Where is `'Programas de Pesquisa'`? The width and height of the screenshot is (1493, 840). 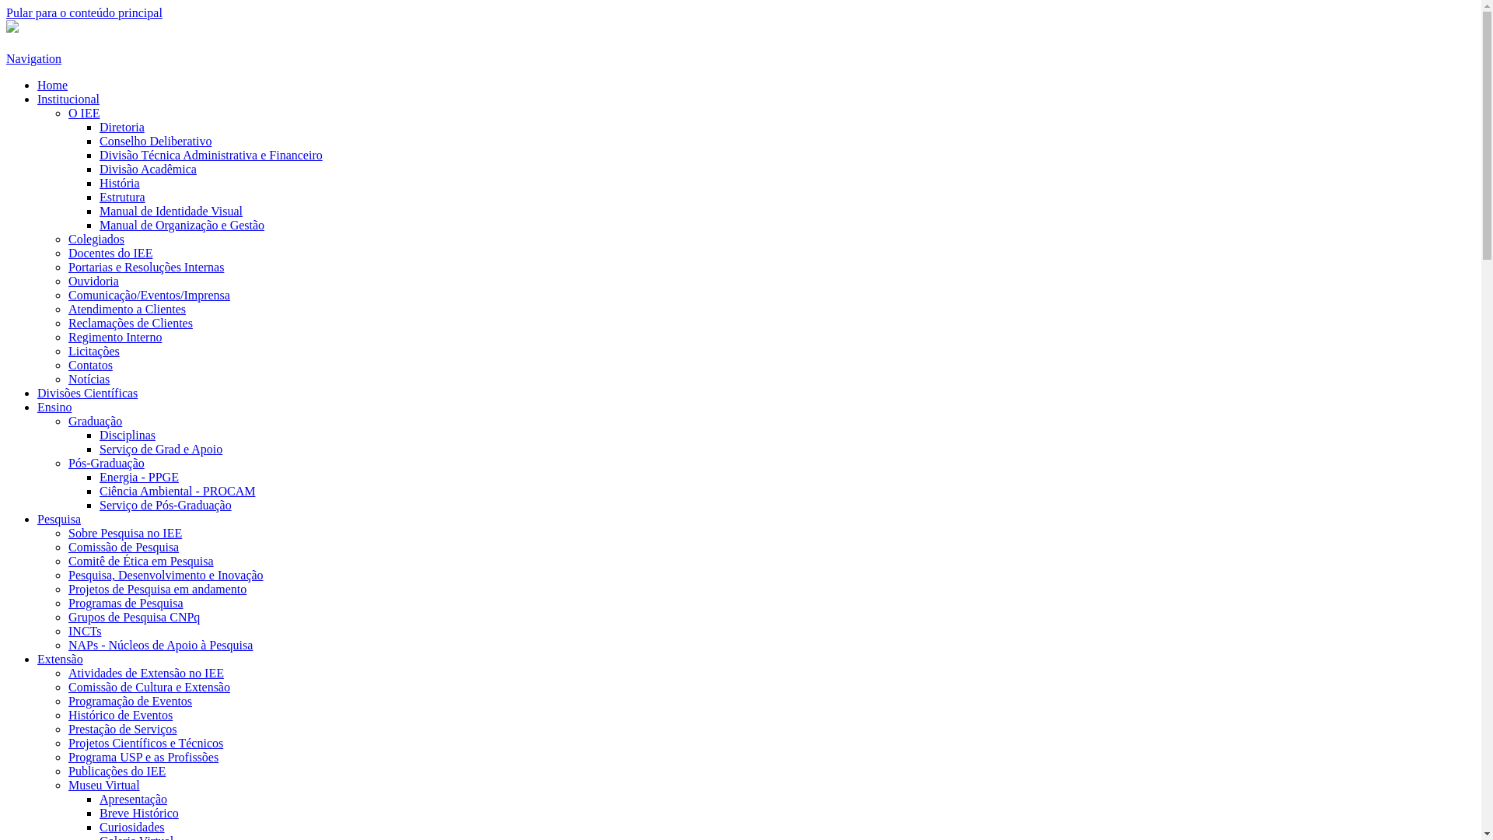
'Programas de Pesquisa' is located at coordinates (126, 602).